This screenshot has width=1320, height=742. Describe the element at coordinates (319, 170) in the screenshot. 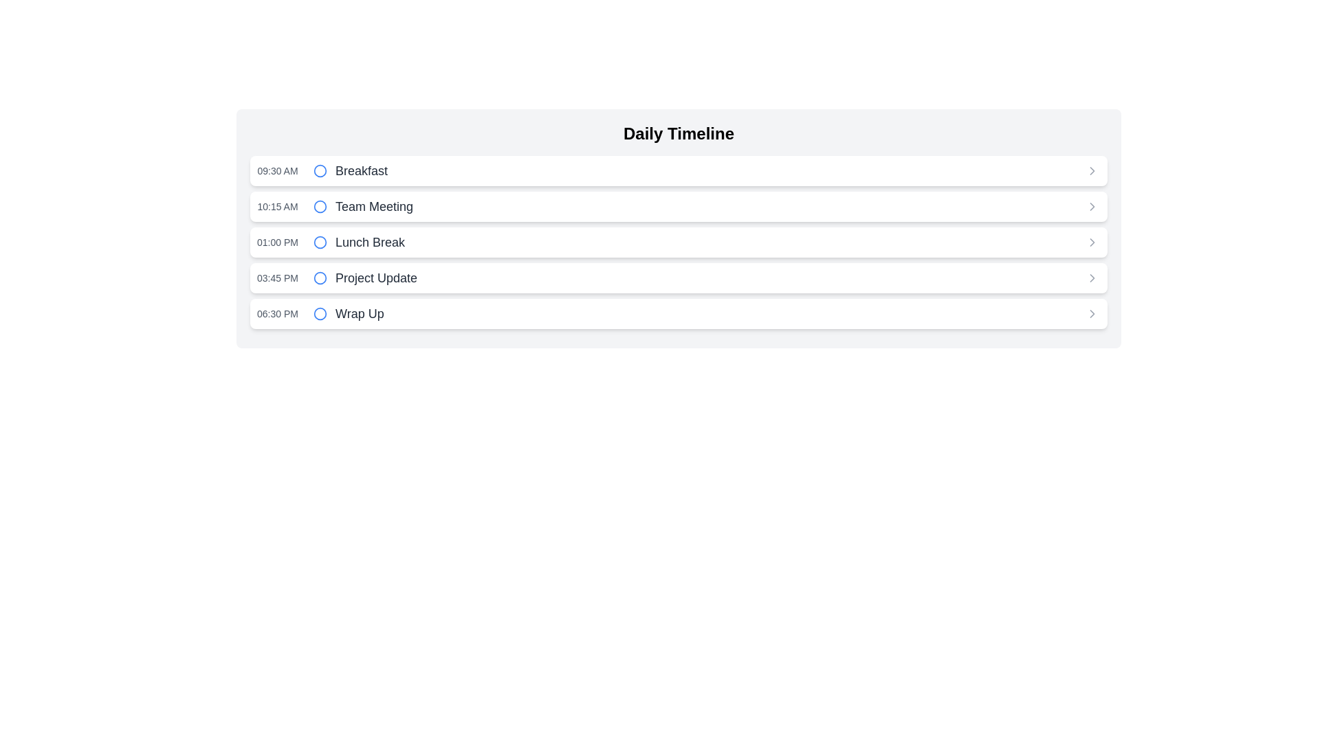

I see `the blue circular icon with a thin border located to the left of the 'Breakfast' text` at that location.